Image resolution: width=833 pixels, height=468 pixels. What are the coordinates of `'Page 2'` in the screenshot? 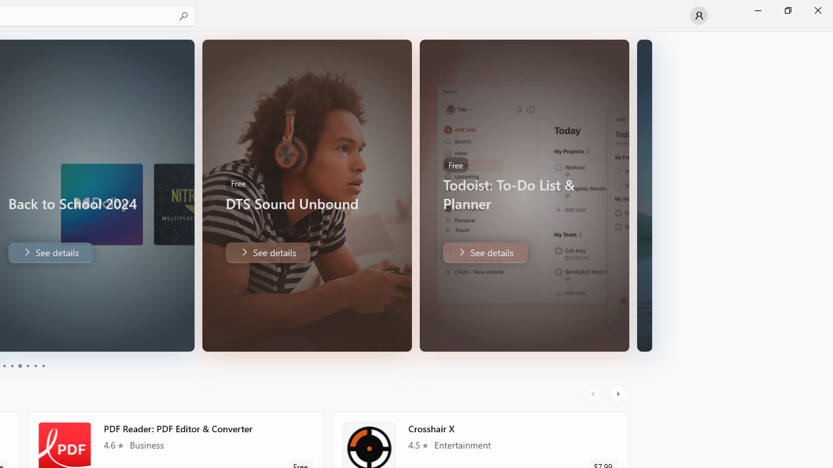 It's located at (11, 366).